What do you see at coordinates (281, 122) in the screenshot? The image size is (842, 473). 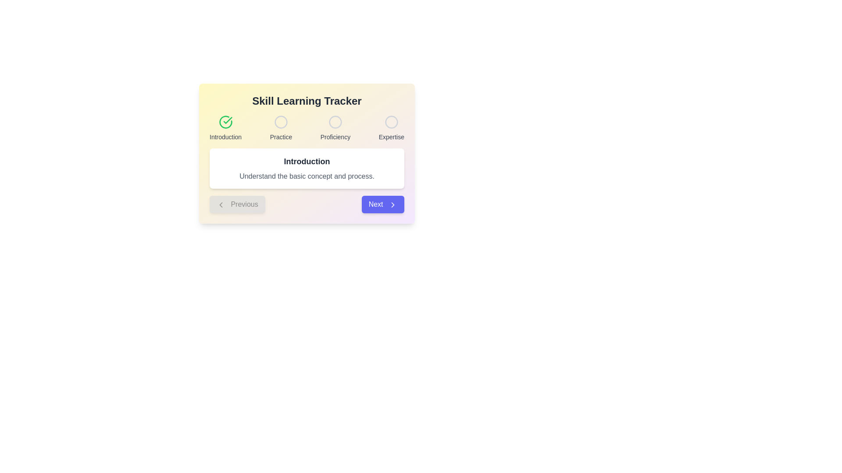 I see `the outlined circle representing the 'Practice' phase in the learning tracker, located centrally above the 'Practice' label` at bounding box center [281, 122].